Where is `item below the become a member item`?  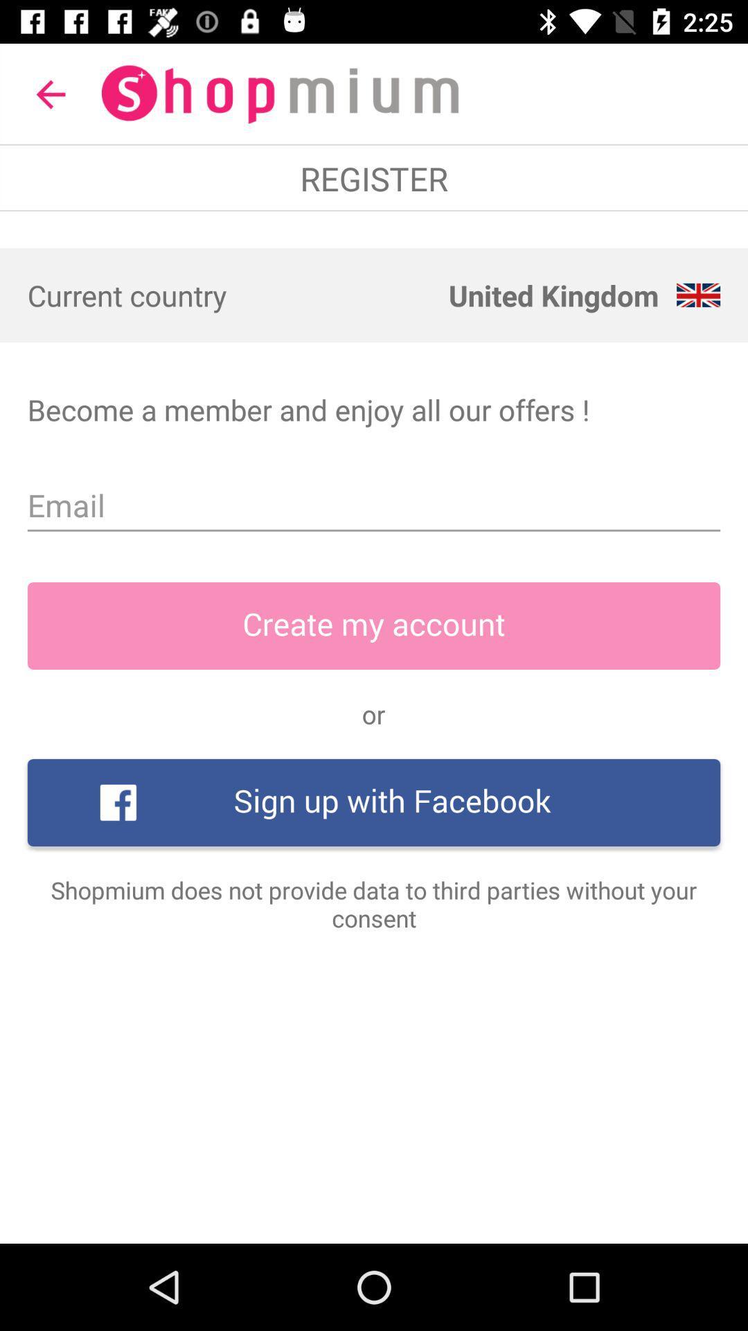
item below the become a member item is located at coordinates (374, 505).